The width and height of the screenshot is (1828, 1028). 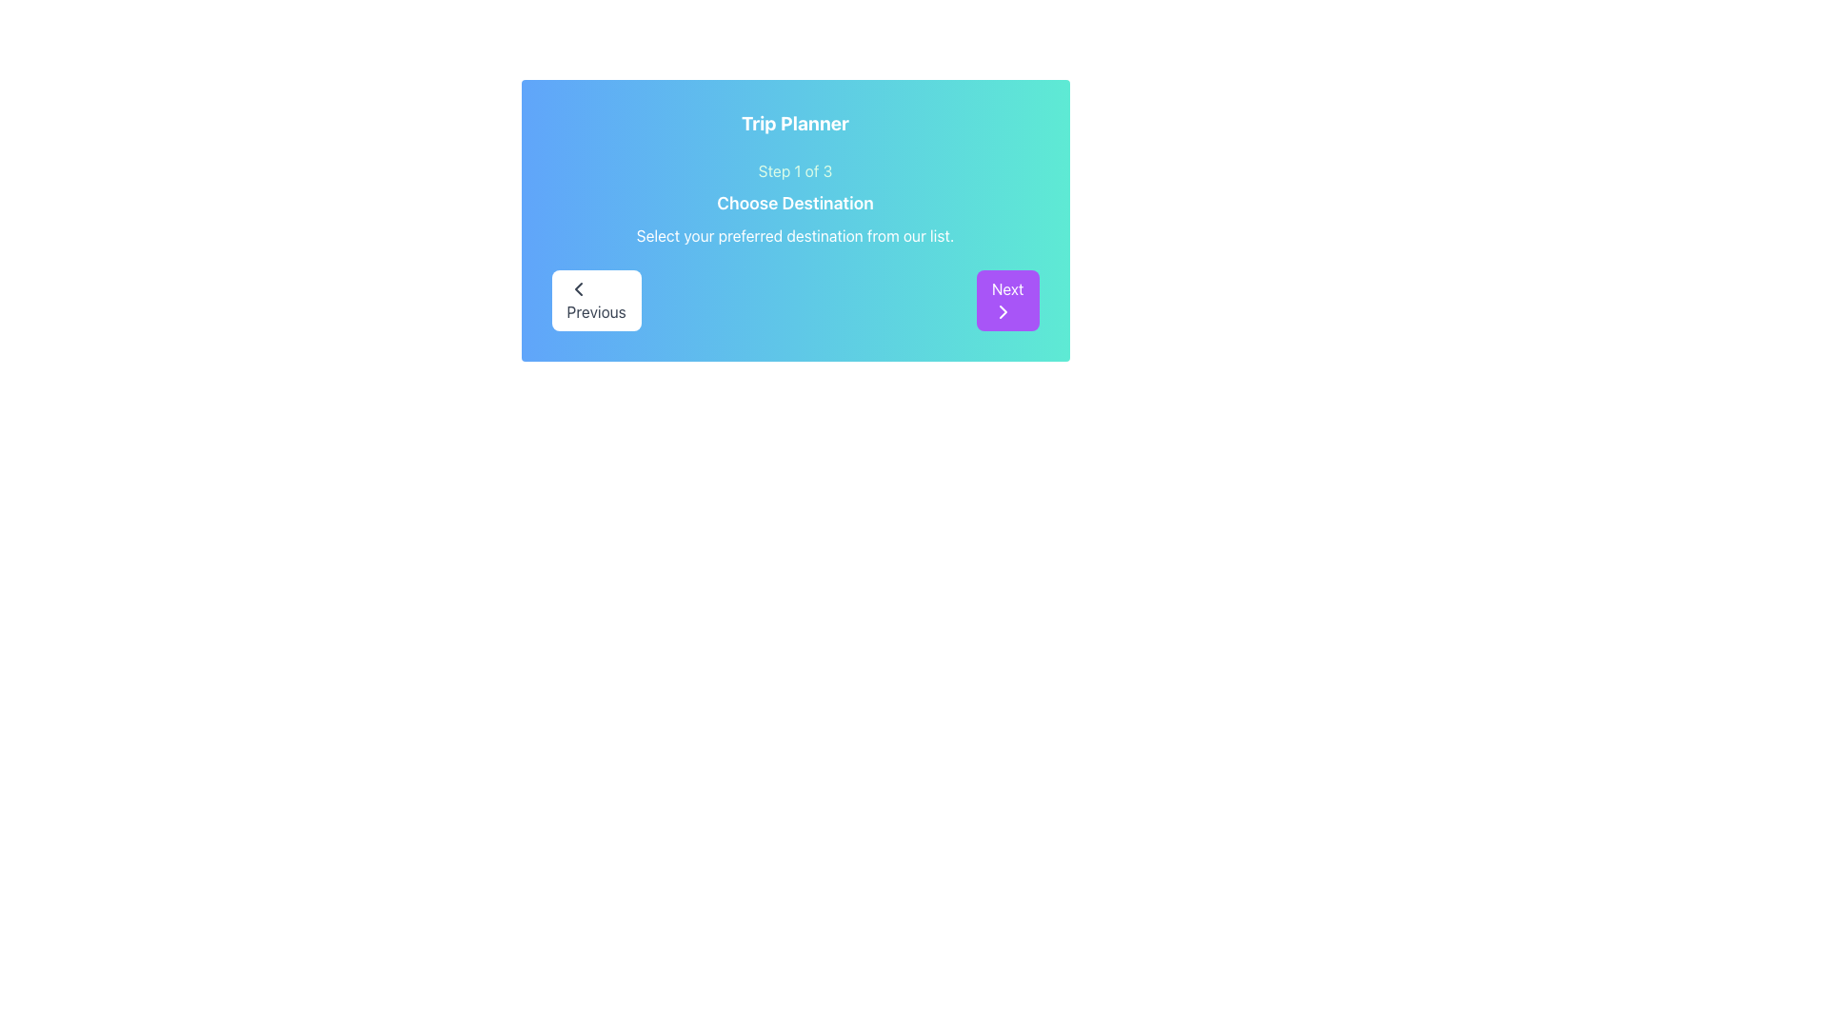 What do you see at coordinates (795, 124) in the screenshot?
I see `the main descriptive title for the trip planner card, which is a static text label positioned at the top of the card, centered horizontally and above the text 'Step 1 of 3 Choose Destination'` at bounding box center [795, 124].